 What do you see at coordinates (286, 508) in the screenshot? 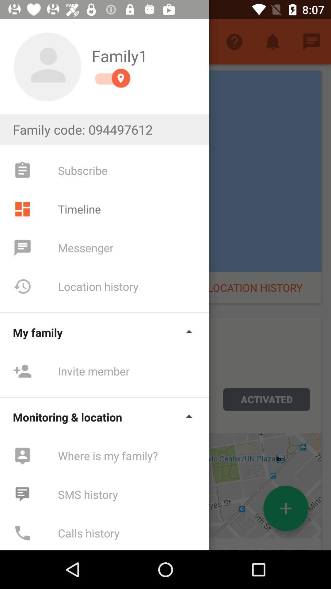
I see `the add icon` at bounding box center [286, 508].